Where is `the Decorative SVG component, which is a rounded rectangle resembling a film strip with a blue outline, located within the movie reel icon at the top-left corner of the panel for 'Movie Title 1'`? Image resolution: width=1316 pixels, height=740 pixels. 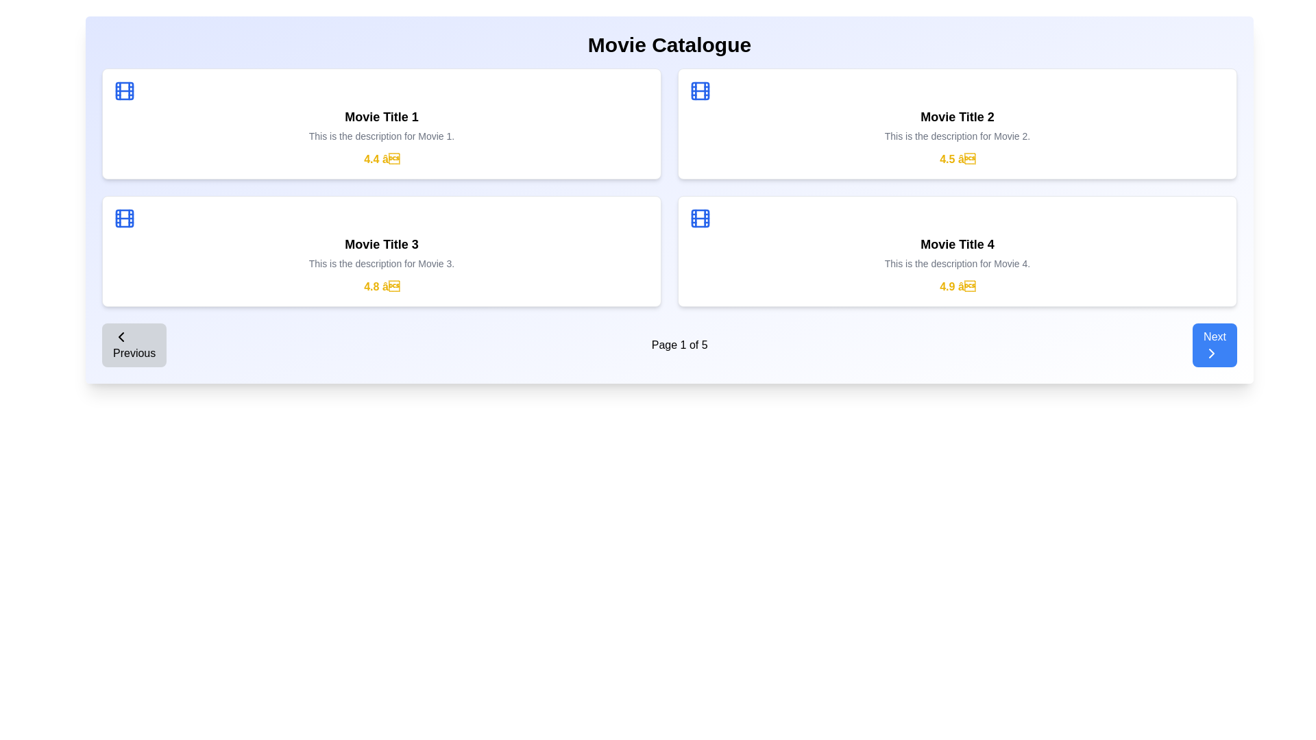 the Decorative SVG component, which is a rounded rectangle resembling a film strip with a blue outline, located within the movie reel icon at the top-left corner of the panel for 'Movie Title 1' is located at coordinates (125, 90).